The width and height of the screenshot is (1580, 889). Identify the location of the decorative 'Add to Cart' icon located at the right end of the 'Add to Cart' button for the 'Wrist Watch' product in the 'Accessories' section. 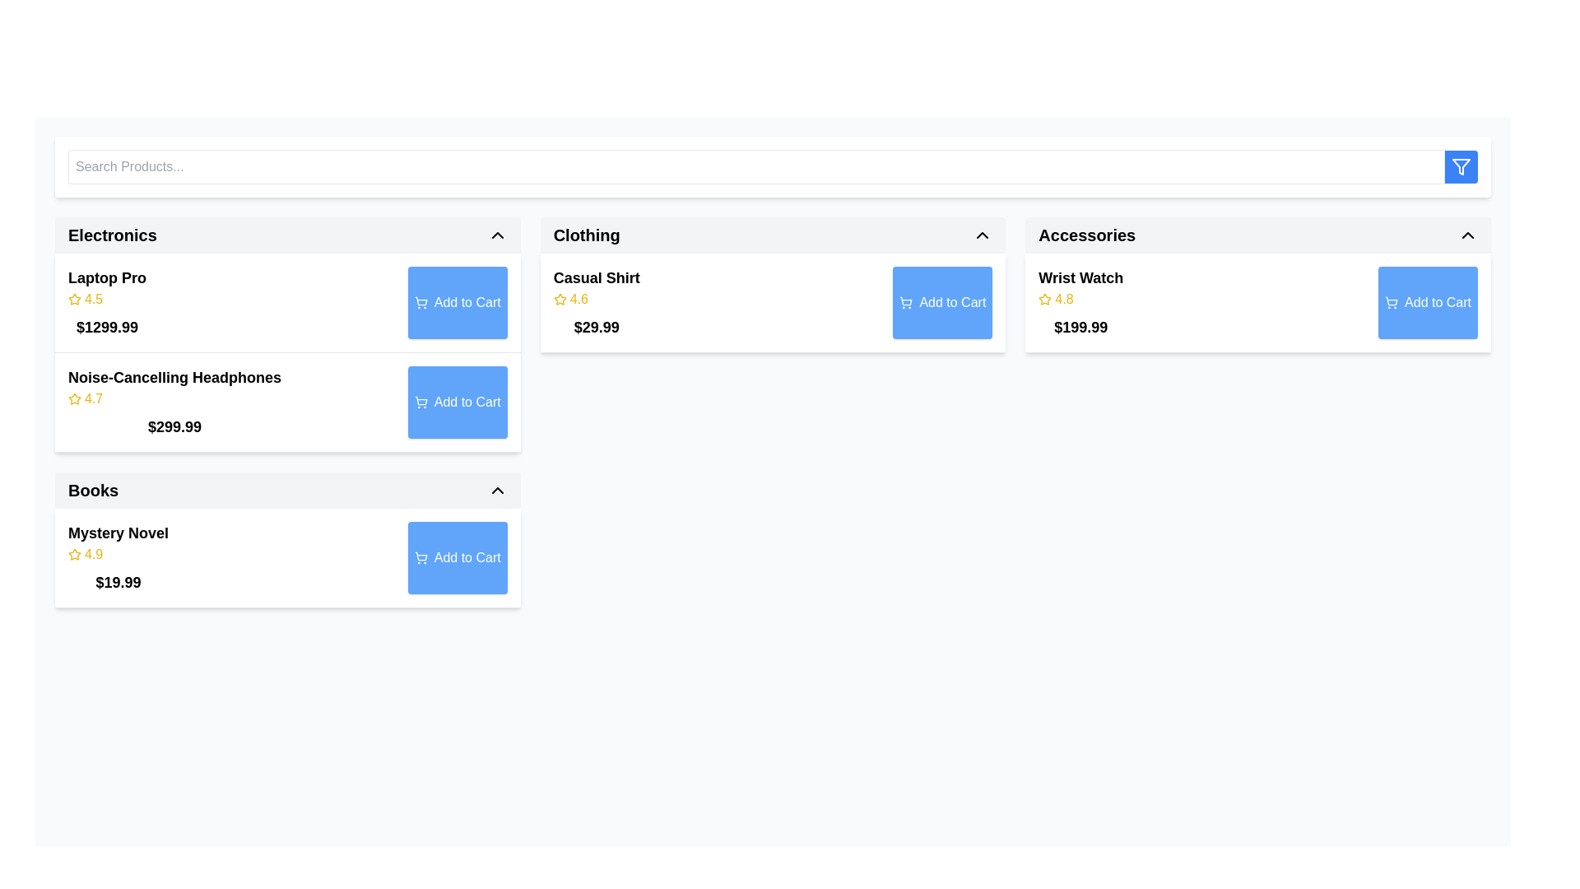
(1391, 301).